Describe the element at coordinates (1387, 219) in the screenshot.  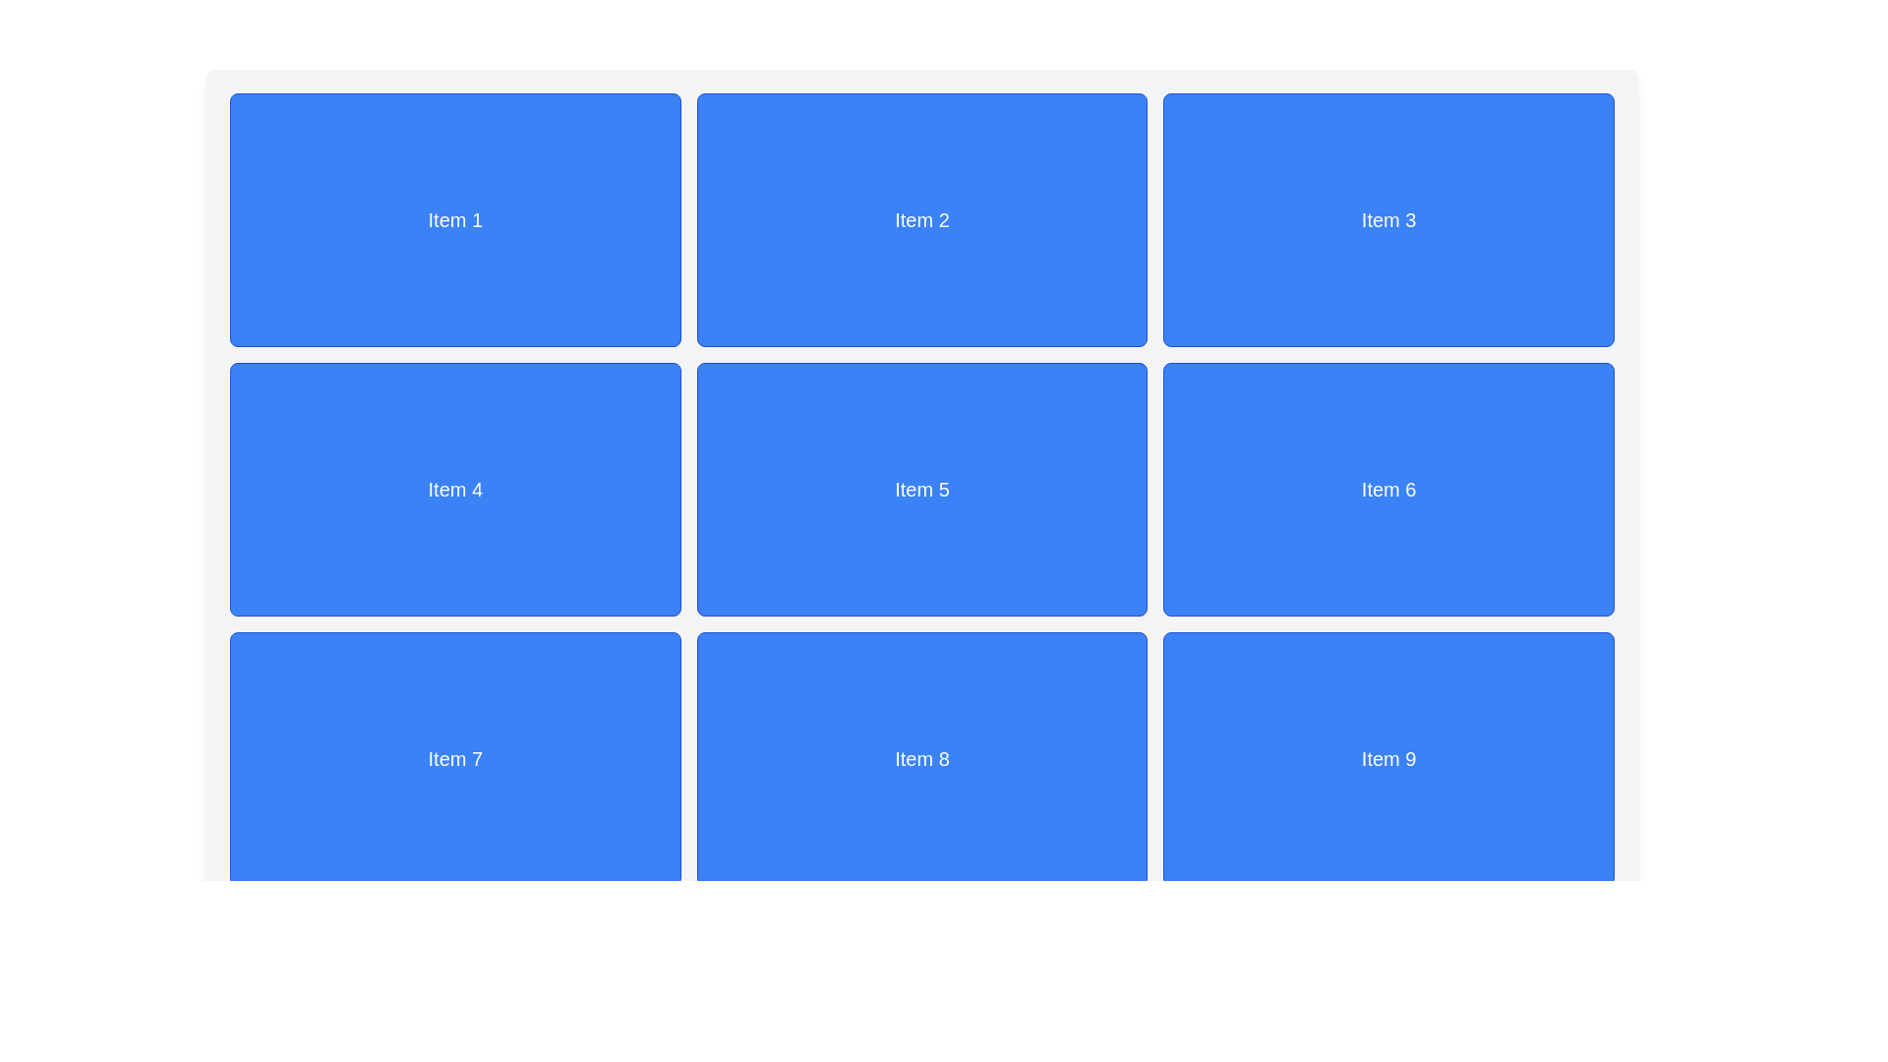
I see `the visual card that displays information associated with 'Item 3', located in the first row and third column of a 3x3 grid layout` at that location.